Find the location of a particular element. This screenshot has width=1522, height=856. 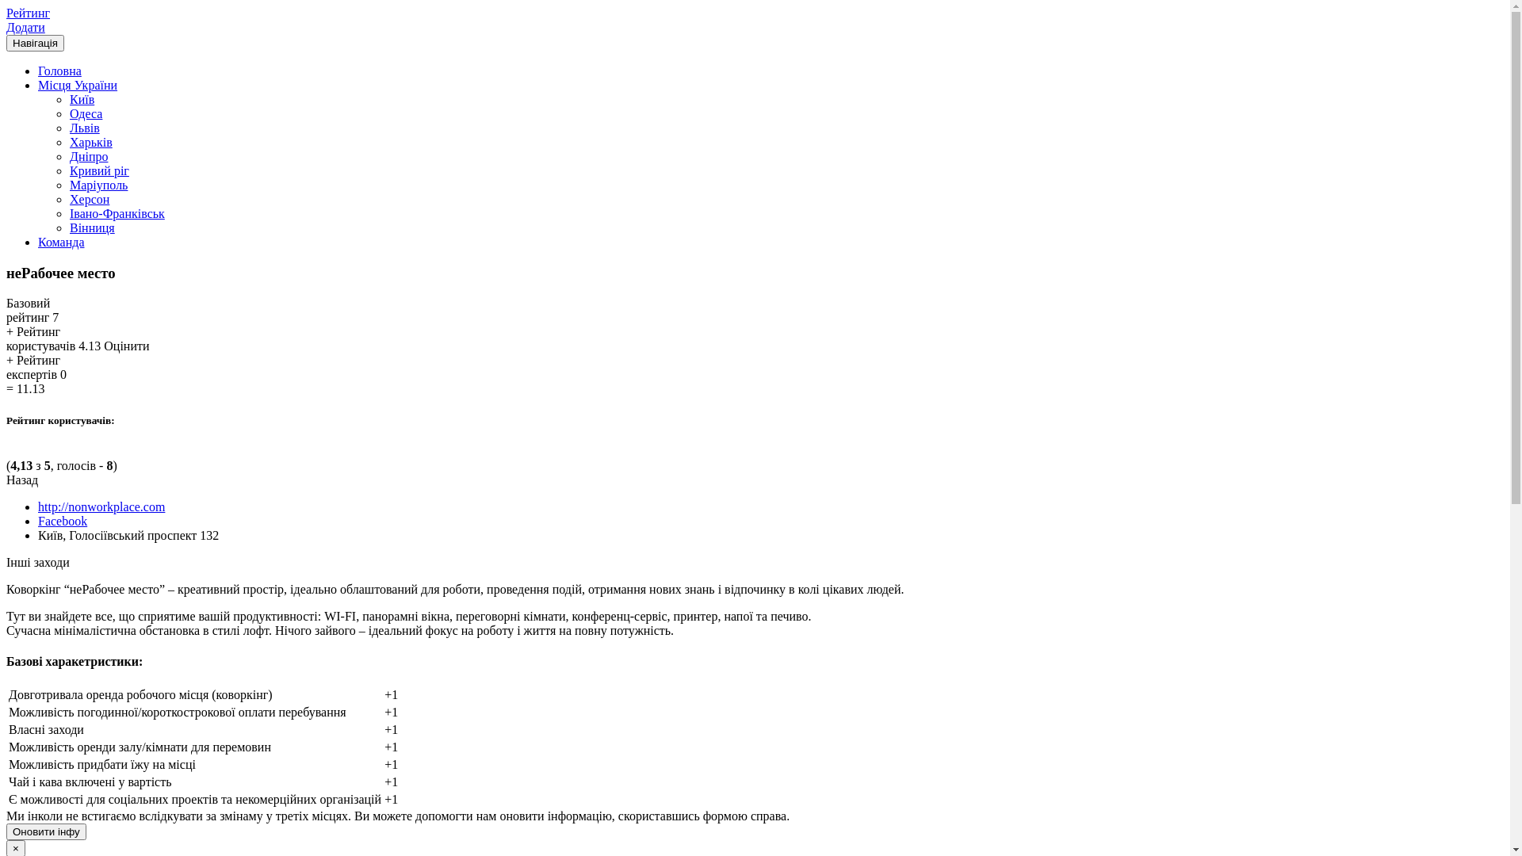

'http://nonworkplace.com' is located at coordinates (101, 506).